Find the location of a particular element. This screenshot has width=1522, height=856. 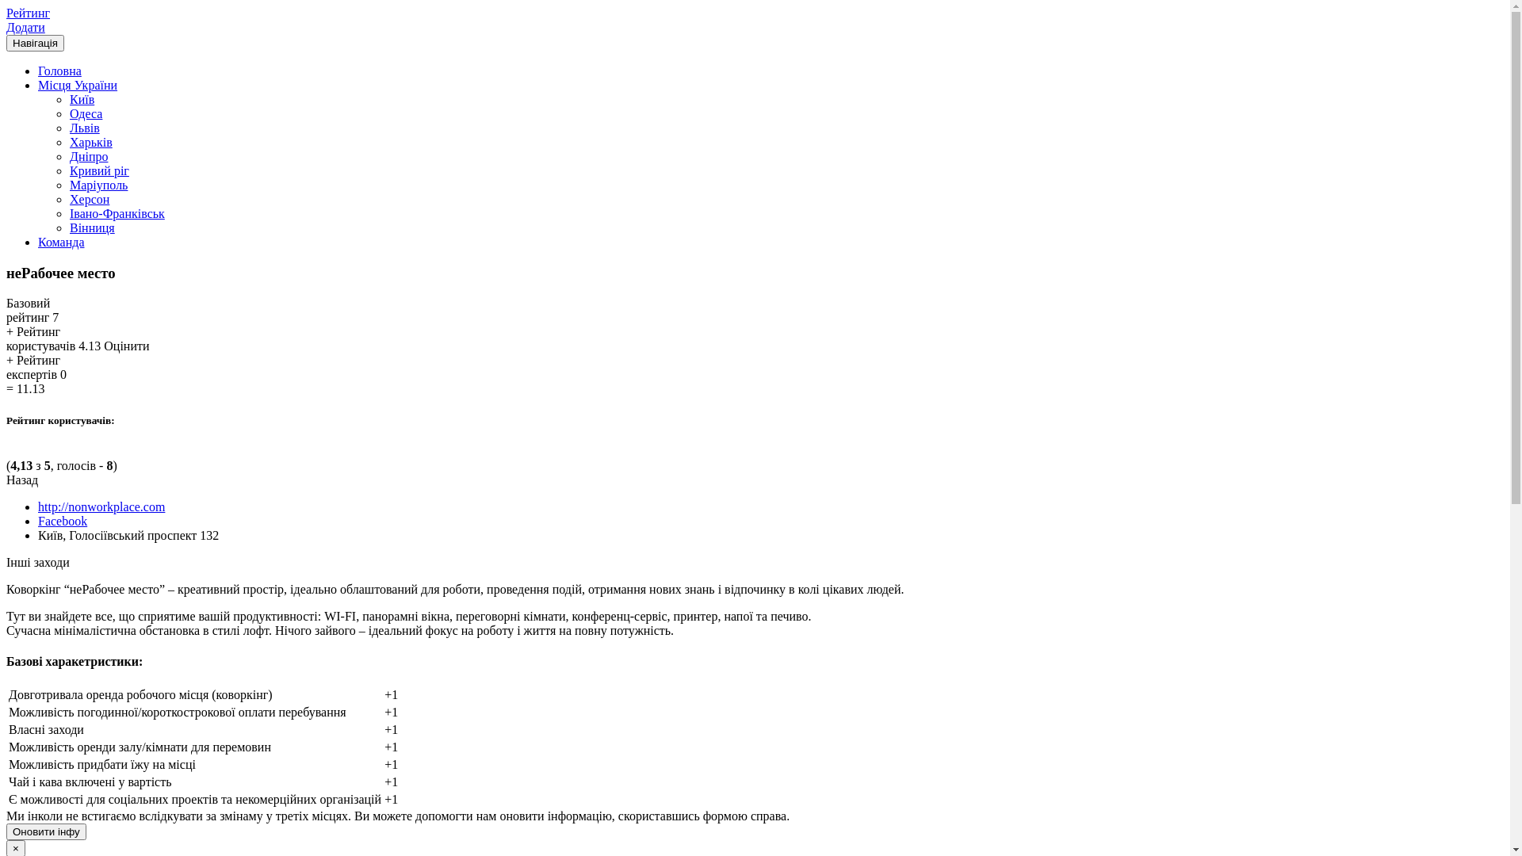

'http://nonworkplace.com' is located at coordinates (101, 506).